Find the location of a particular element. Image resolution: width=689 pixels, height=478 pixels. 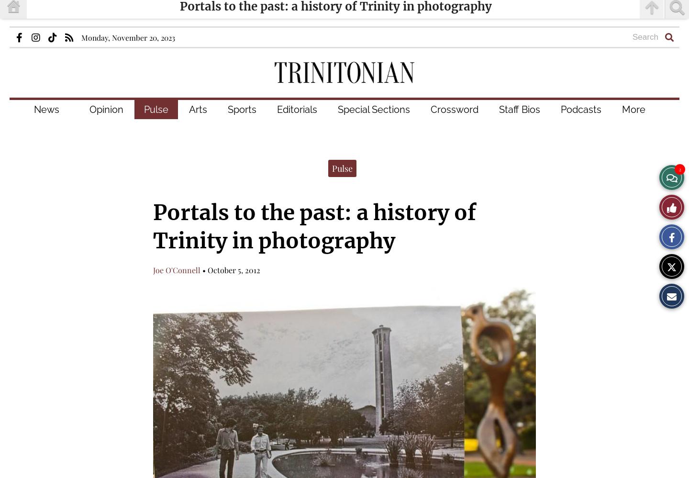

'Staff Bios' is located at coordinates (519, 109).